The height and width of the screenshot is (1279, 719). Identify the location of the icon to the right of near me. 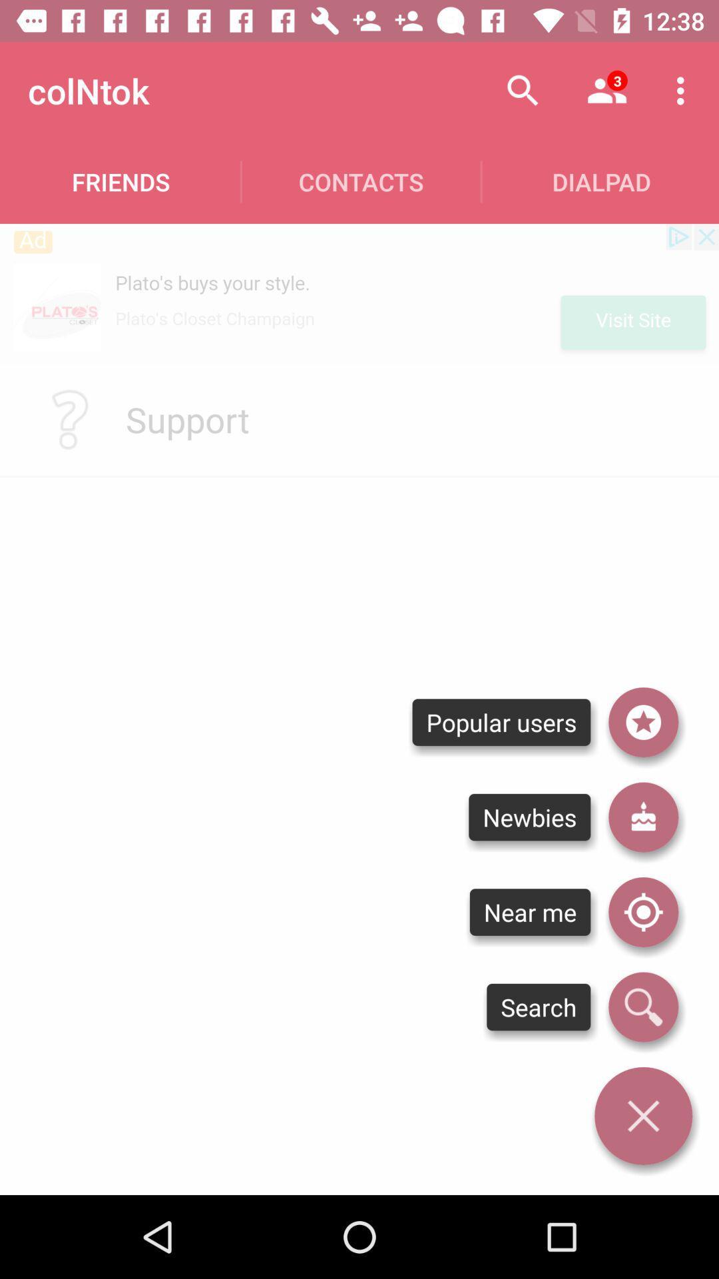
(642, 1007).